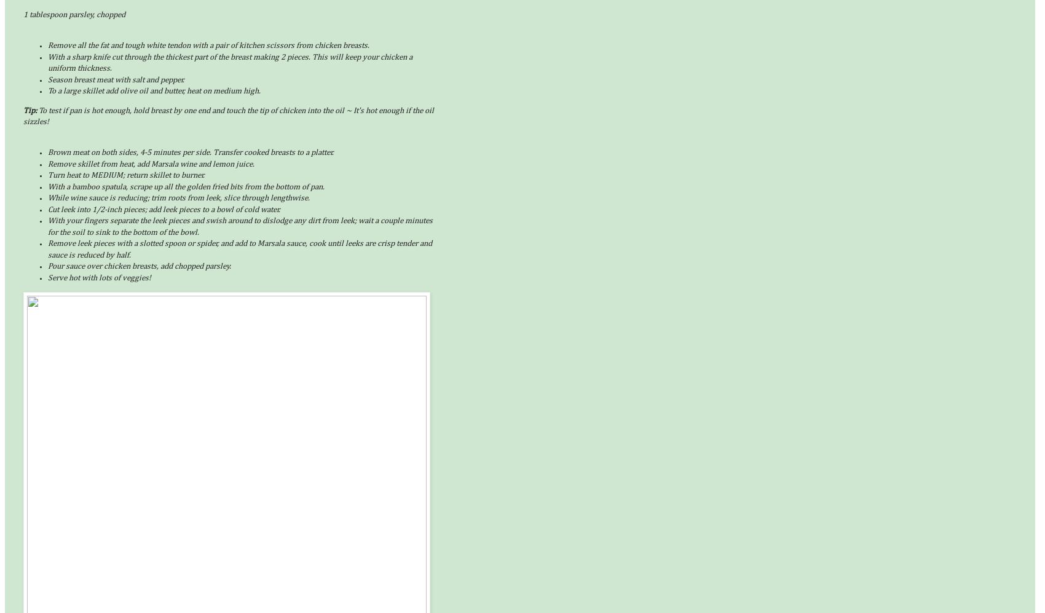 The width and height of the screenshot is (1045, 613). I want to click on 'To test if pan is hot enough, hold breast by one end and touch the tip of chicken into the oil ~ It's hot enough if the oil sizzles!', so click(23, 116).